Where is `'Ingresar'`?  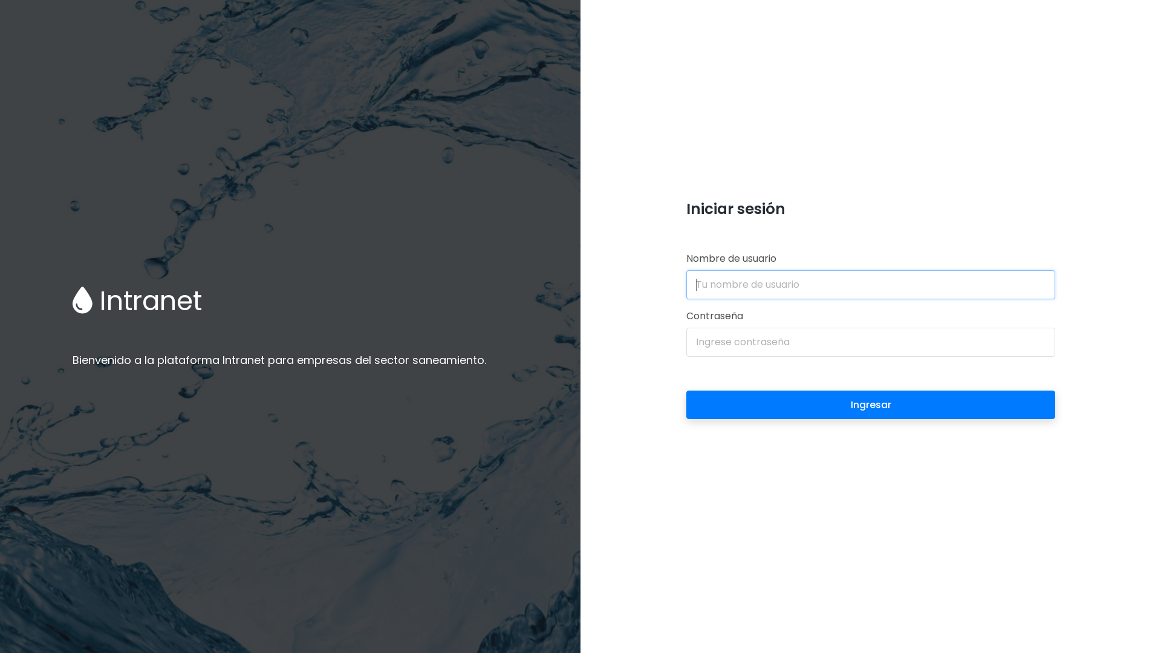
'Ingresar' is located at coordinates (871, 405).